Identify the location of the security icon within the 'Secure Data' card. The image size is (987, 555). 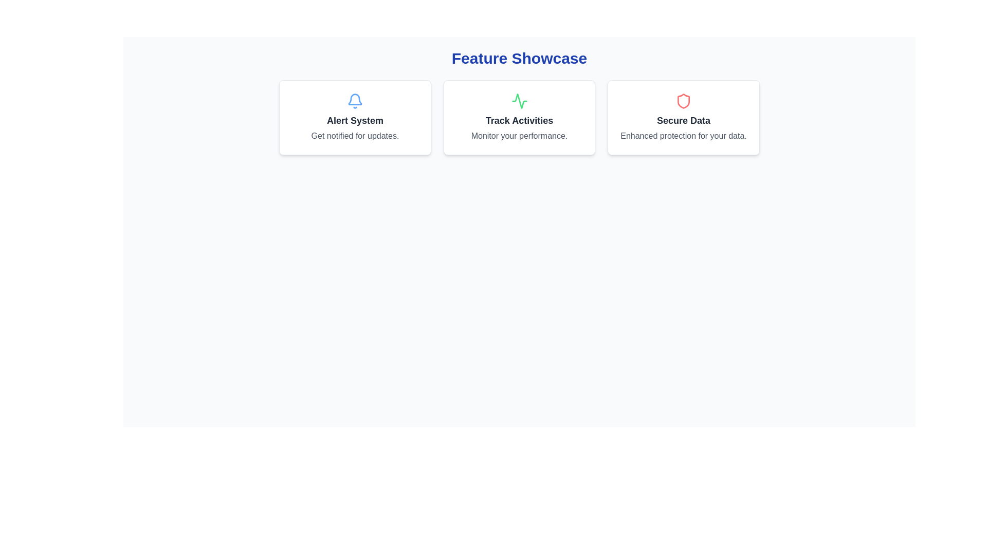
(683, 101).